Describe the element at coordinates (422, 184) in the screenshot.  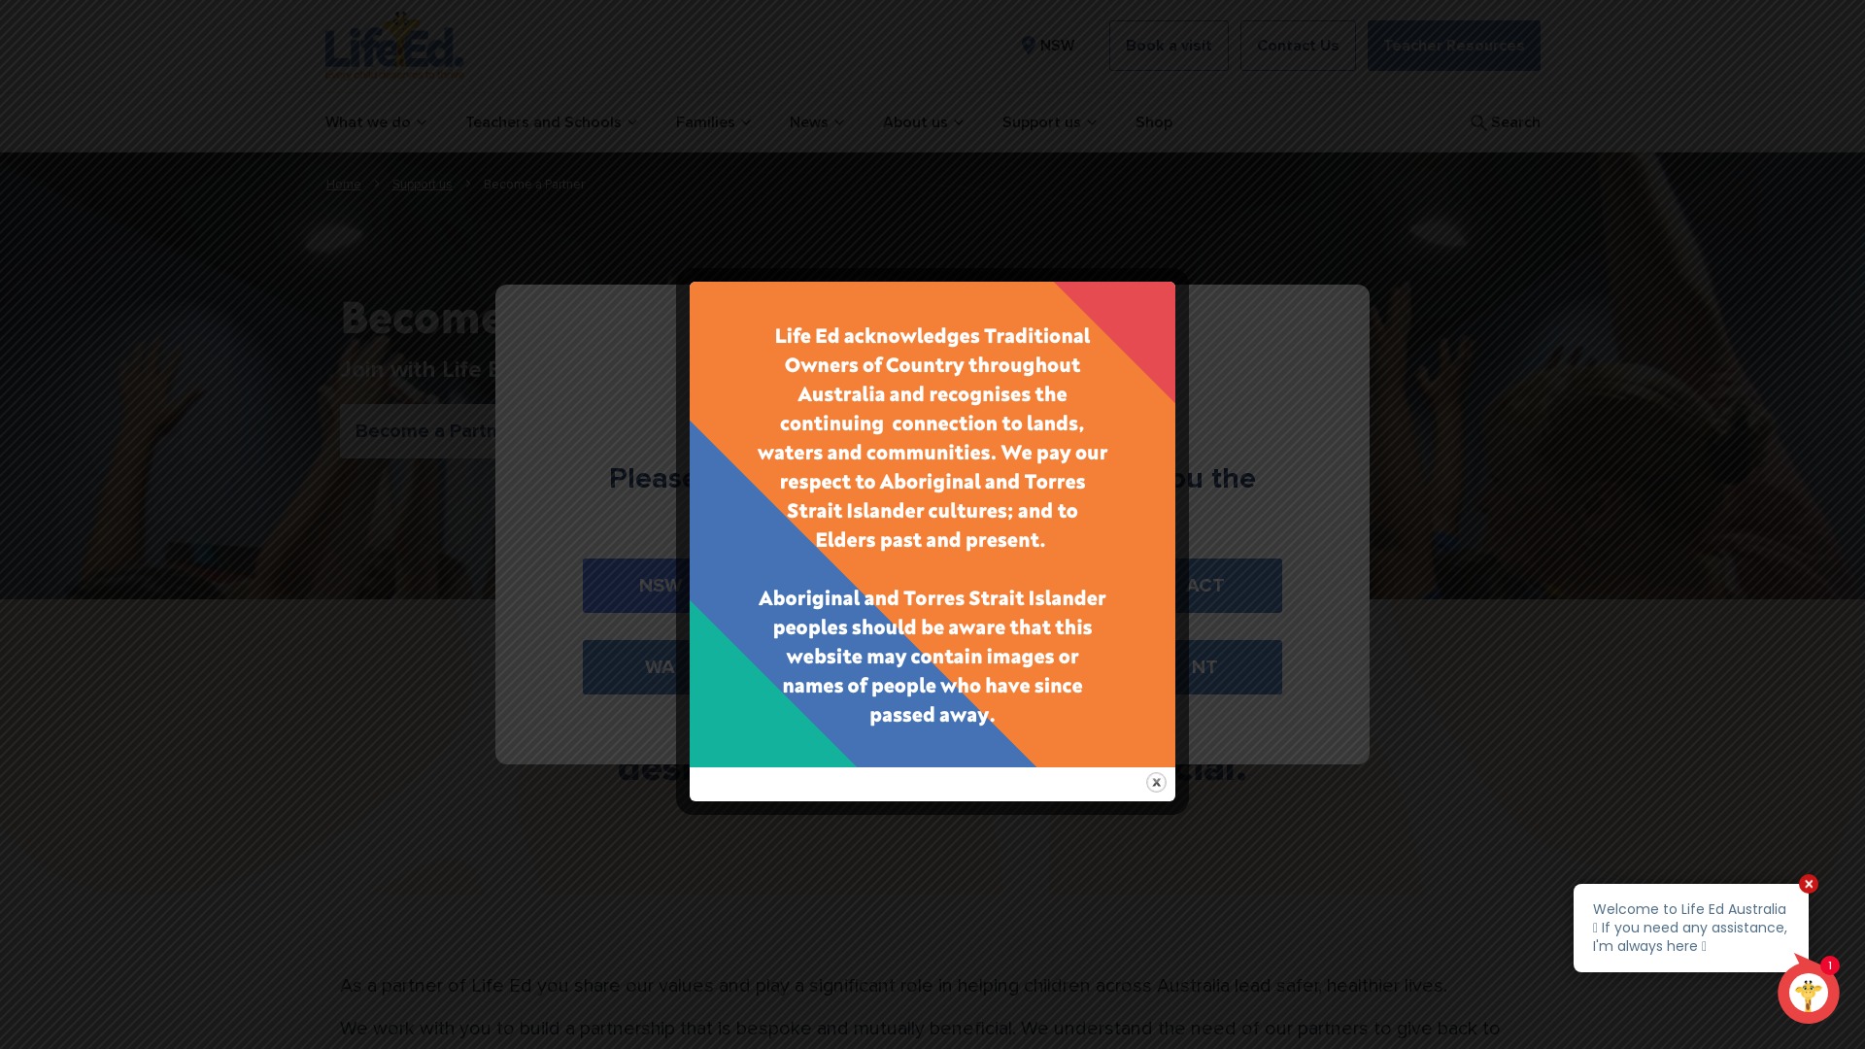
I see `'Support us'` at that location.